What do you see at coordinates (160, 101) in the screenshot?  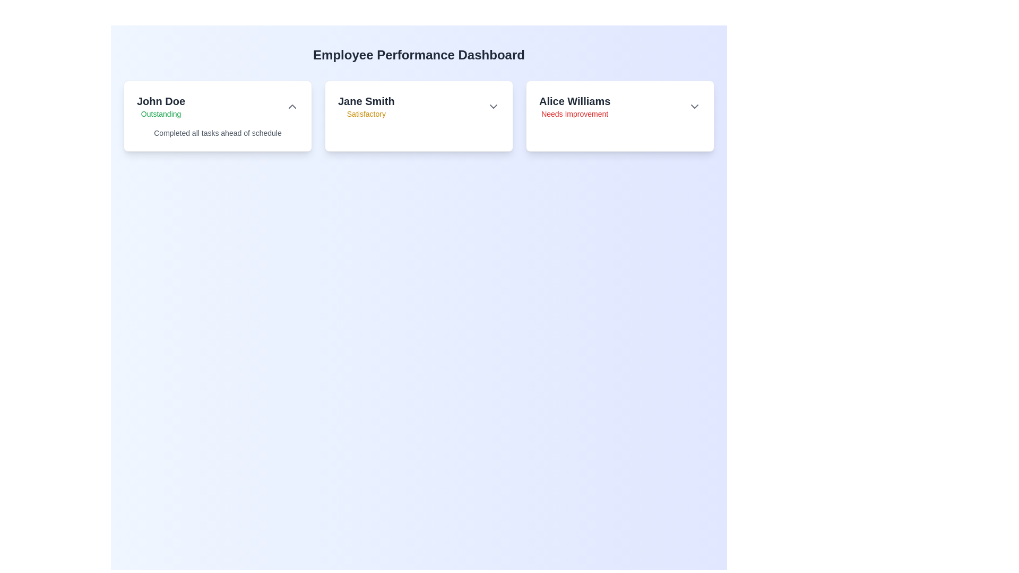 I see `the text of the Label representing 'John Doe' in the employee performance dashboard, which is positioned above the 'Outstanding' text element` at bounding box center [160, 101].